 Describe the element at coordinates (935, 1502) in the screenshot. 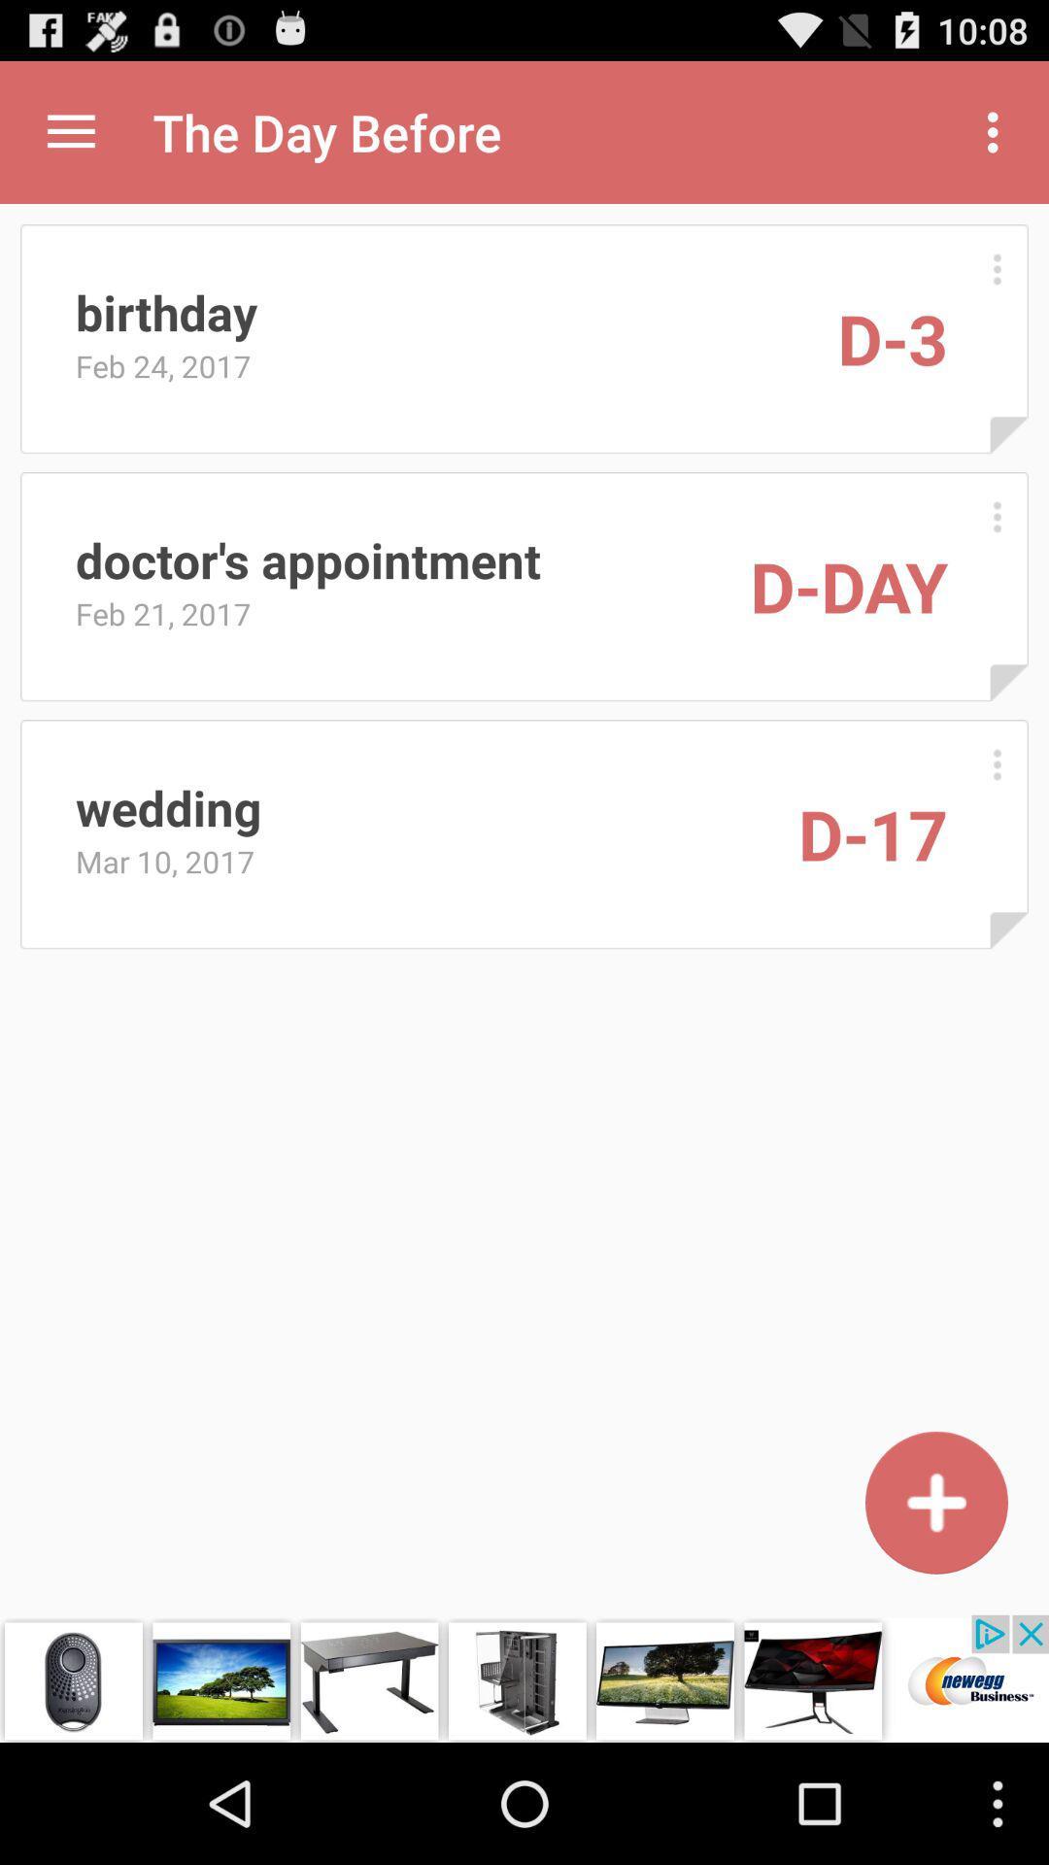

I see `in new` at that location.